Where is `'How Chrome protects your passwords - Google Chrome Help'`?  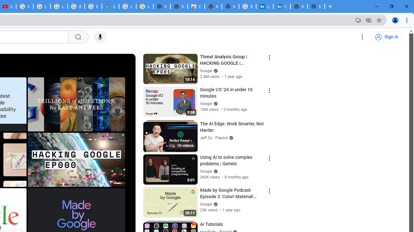 'How Chrome protects your passwords - Google Chrome Help' is located at coordinates (25, 6).